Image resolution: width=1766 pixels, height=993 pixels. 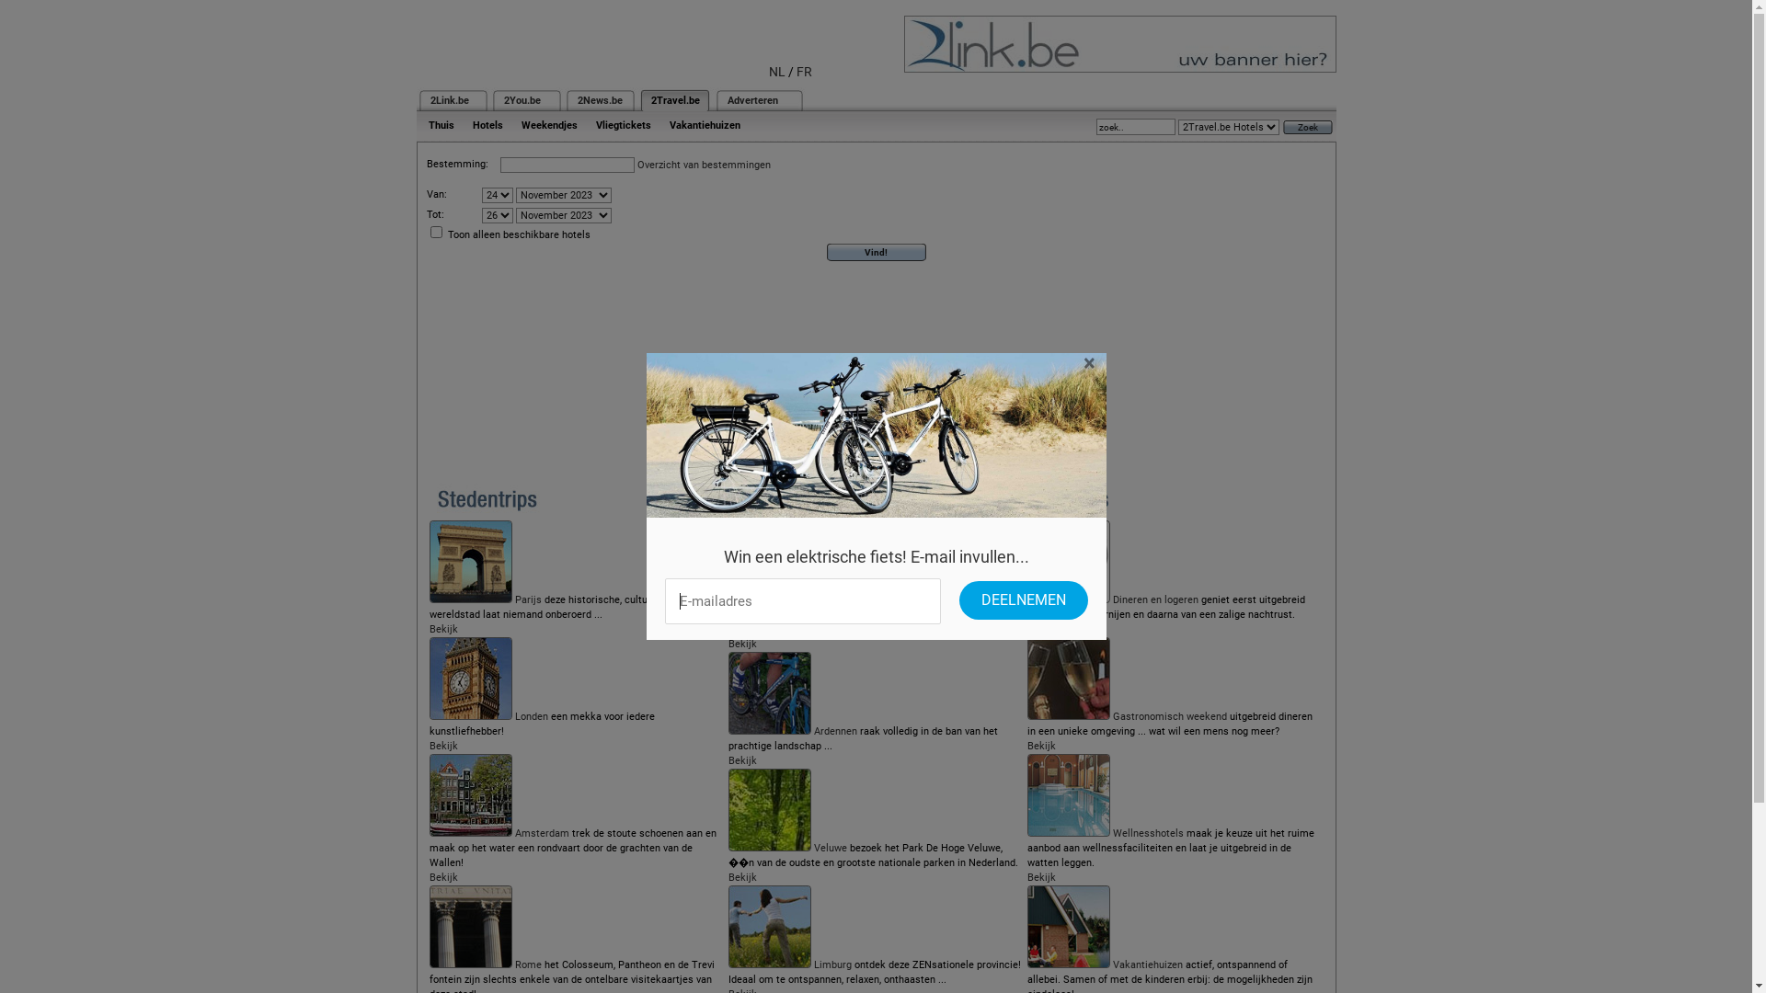 I want to click on 'Vakantiehuizen', so click(x=1147, y=964).